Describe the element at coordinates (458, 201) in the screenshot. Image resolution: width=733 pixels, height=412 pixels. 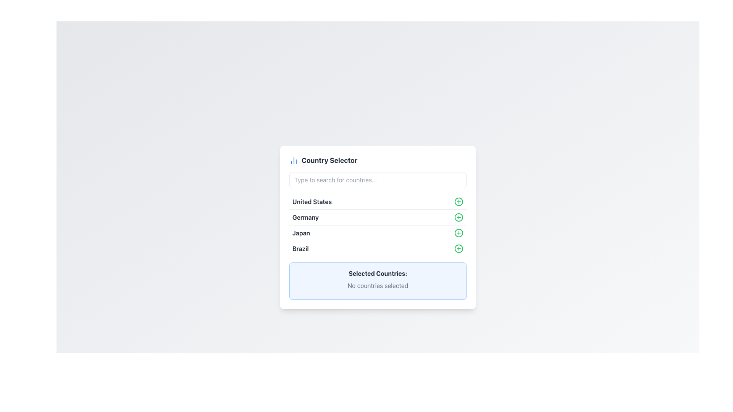
I see `the green circular '+' icon button located next to the text 'United States' in the country selection list` at that location.